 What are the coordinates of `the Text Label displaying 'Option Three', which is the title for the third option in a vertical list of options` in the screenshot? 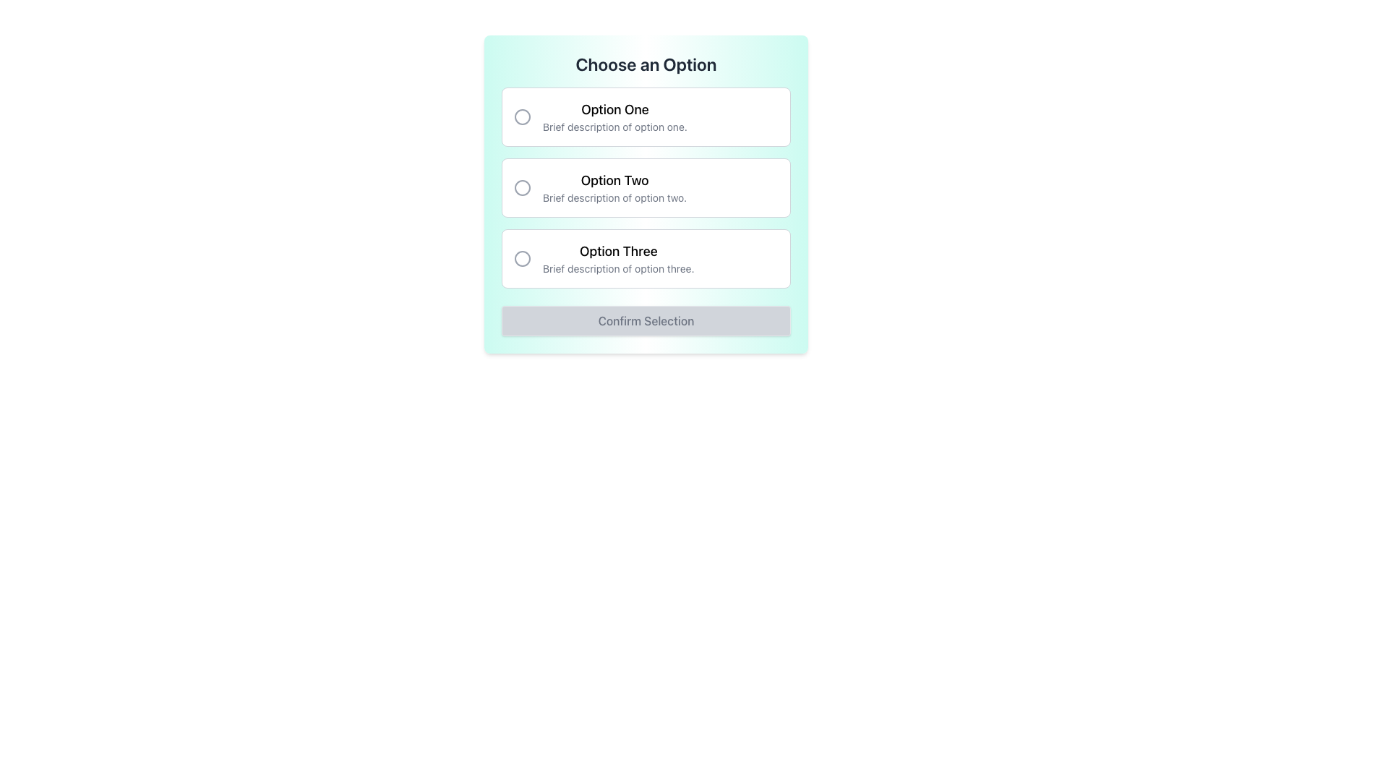 It's located at (618, 250).